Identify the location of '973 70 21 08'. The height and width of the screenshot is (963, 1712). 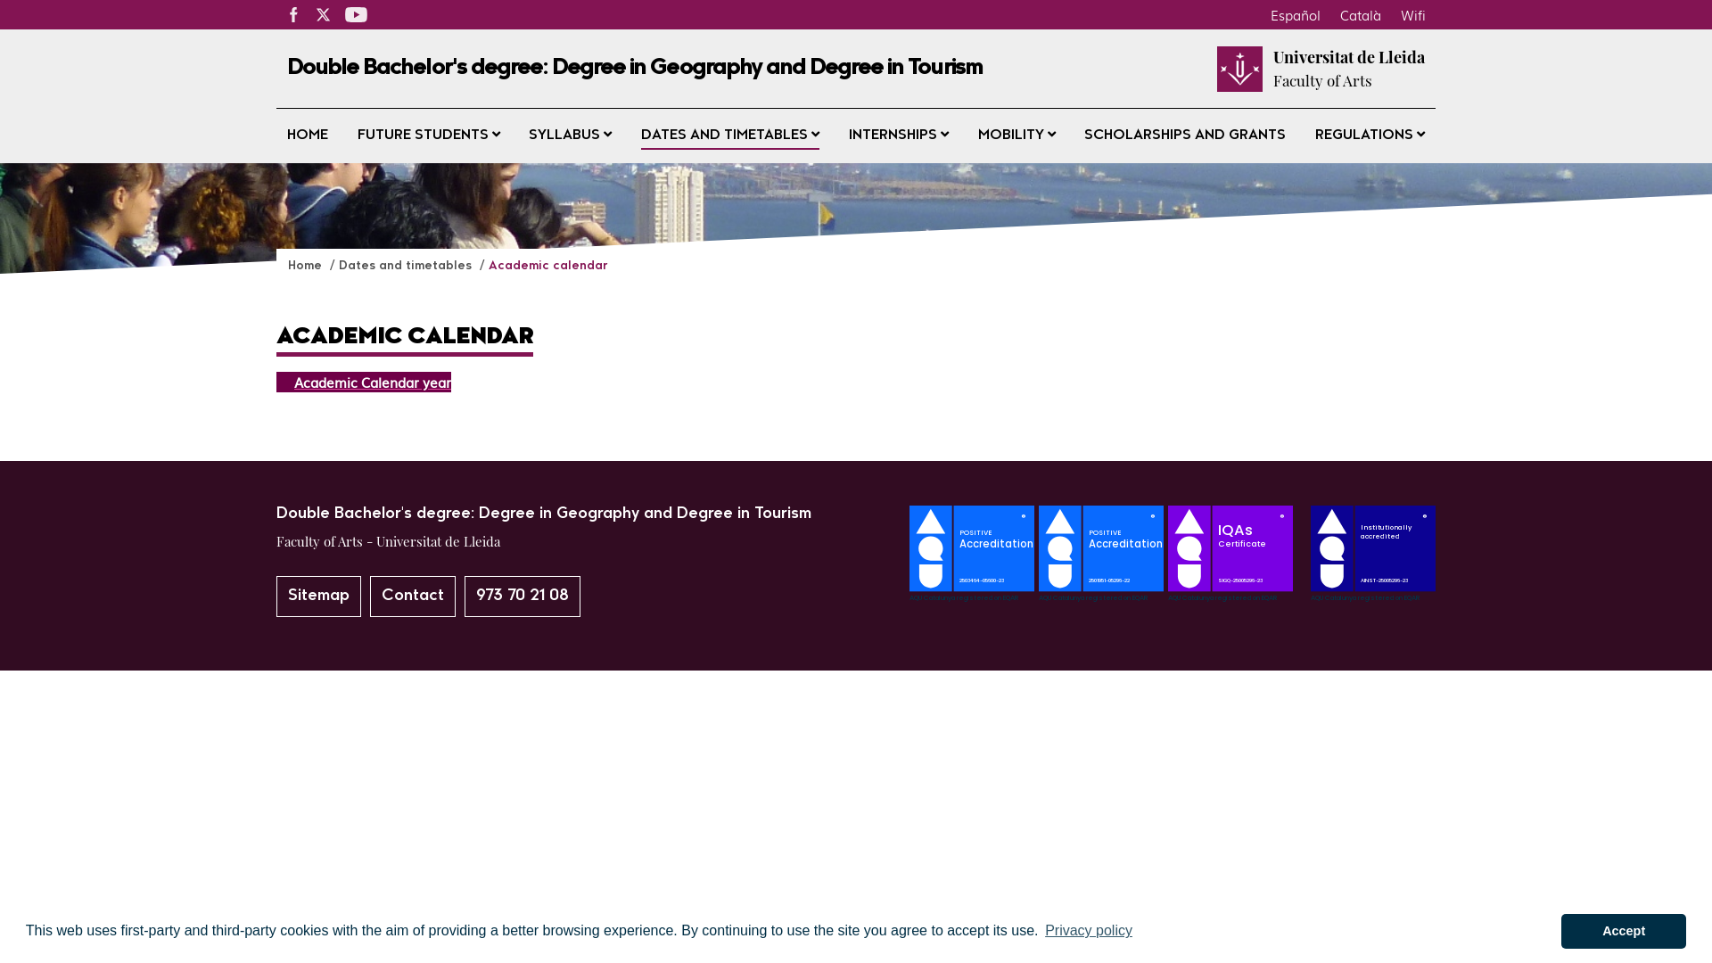
(521, 596).